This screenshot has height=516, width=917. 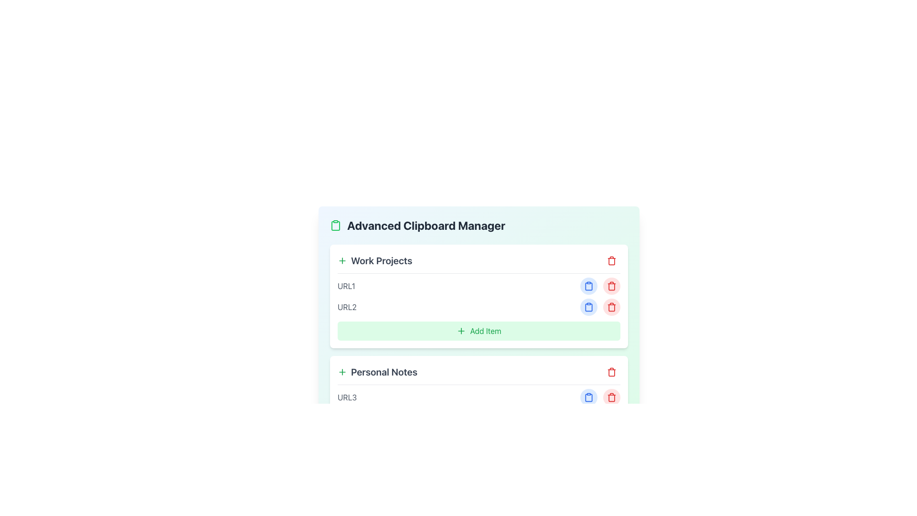 What do you see at coordinates (612, 307) in the screenshot?
I see `the circular red button with a trash can icon` at bounding box center [612, 307].